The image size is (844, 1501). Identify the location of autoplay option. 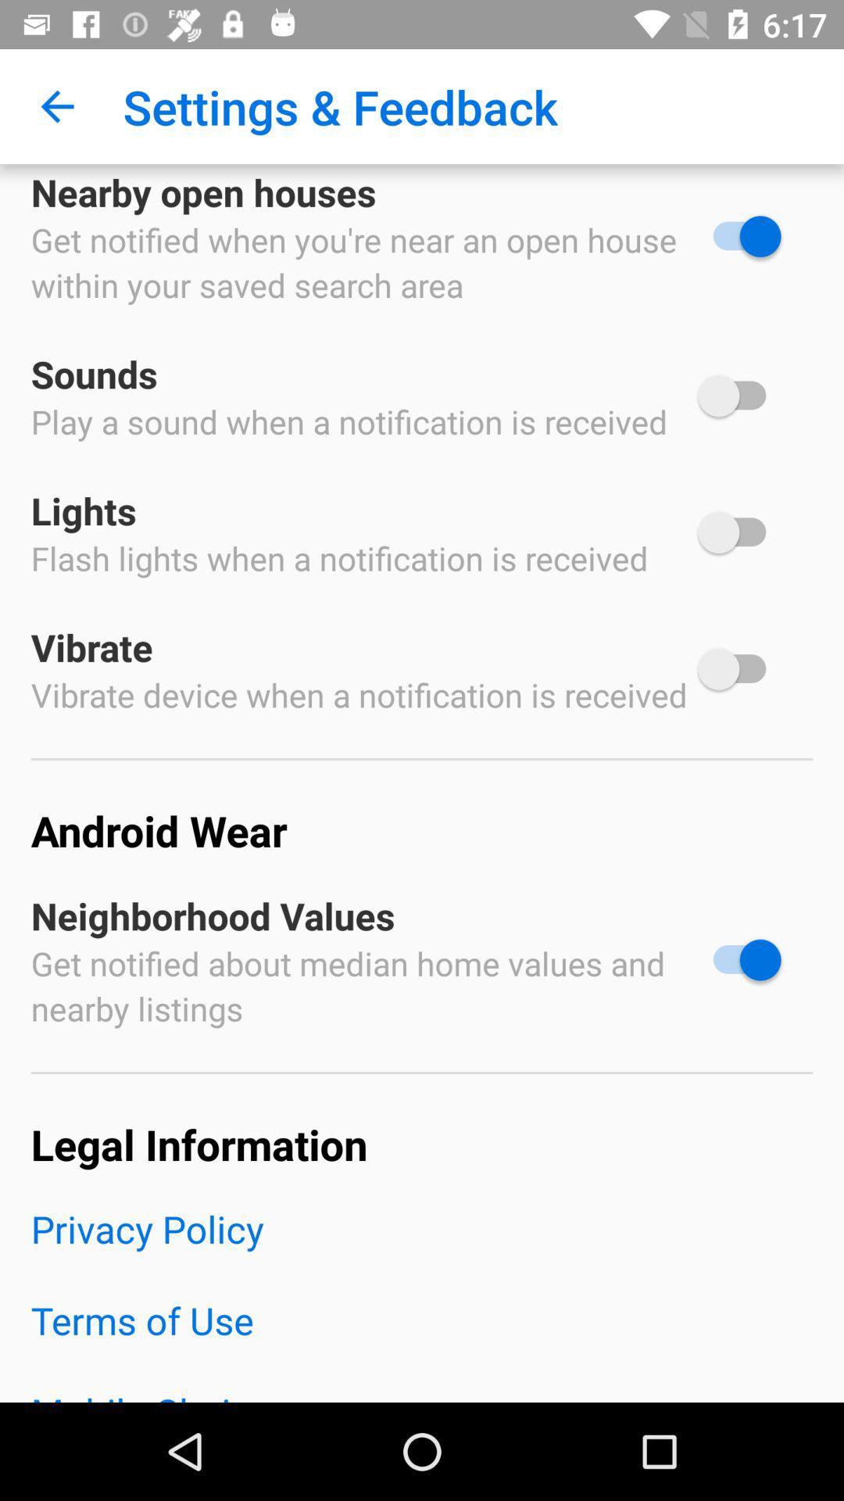
(738, 235).